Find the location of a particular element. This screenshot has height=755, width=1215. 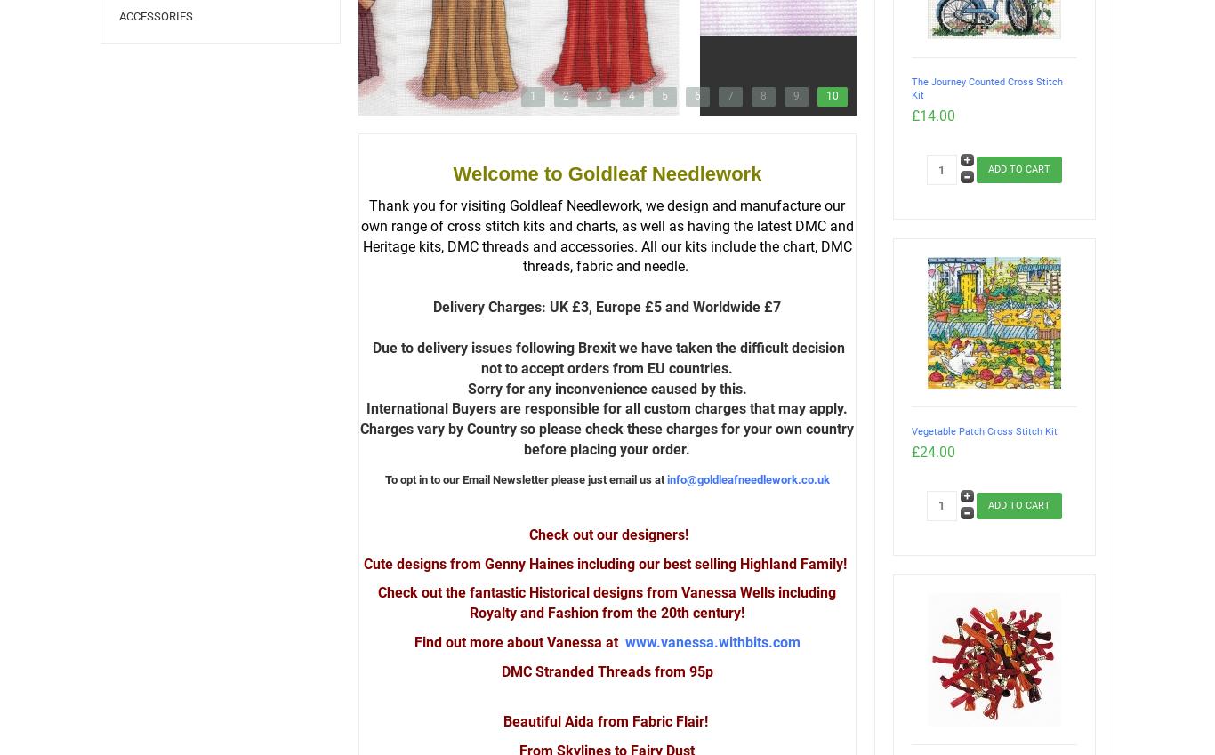

'Welcome to Goldleaf Needlework' is located at coordinates (452, 172).